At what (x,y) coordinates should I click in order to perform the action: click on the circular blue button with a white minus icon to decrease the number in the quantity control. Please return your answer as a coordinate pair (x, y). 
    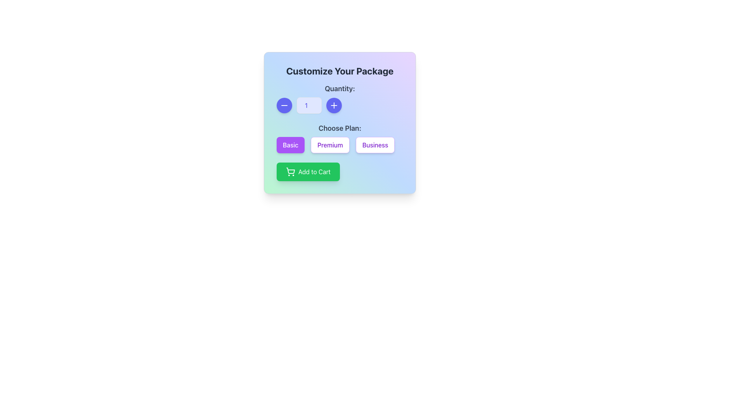
    Looking at the image, I should click on (284, 106).